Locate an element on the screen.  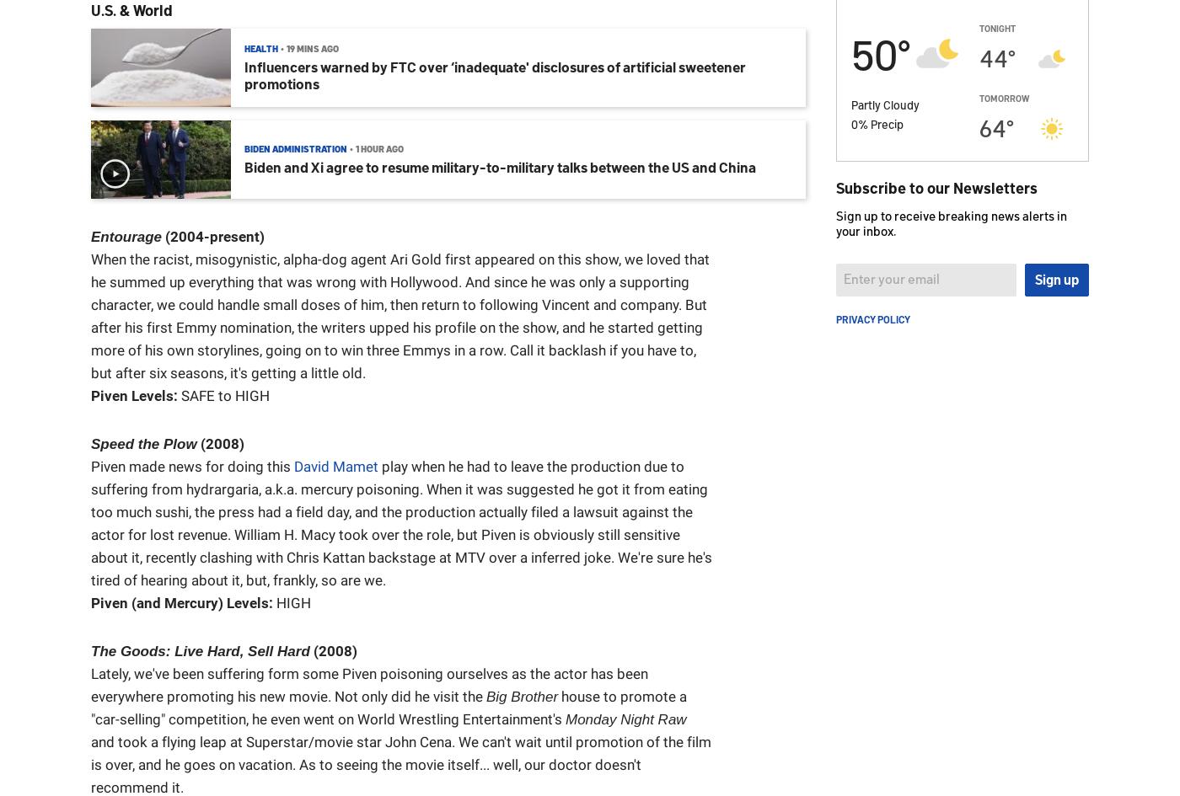
'The Goods: Live Hard, Sell Hard' is located at coordinates (200, 650).